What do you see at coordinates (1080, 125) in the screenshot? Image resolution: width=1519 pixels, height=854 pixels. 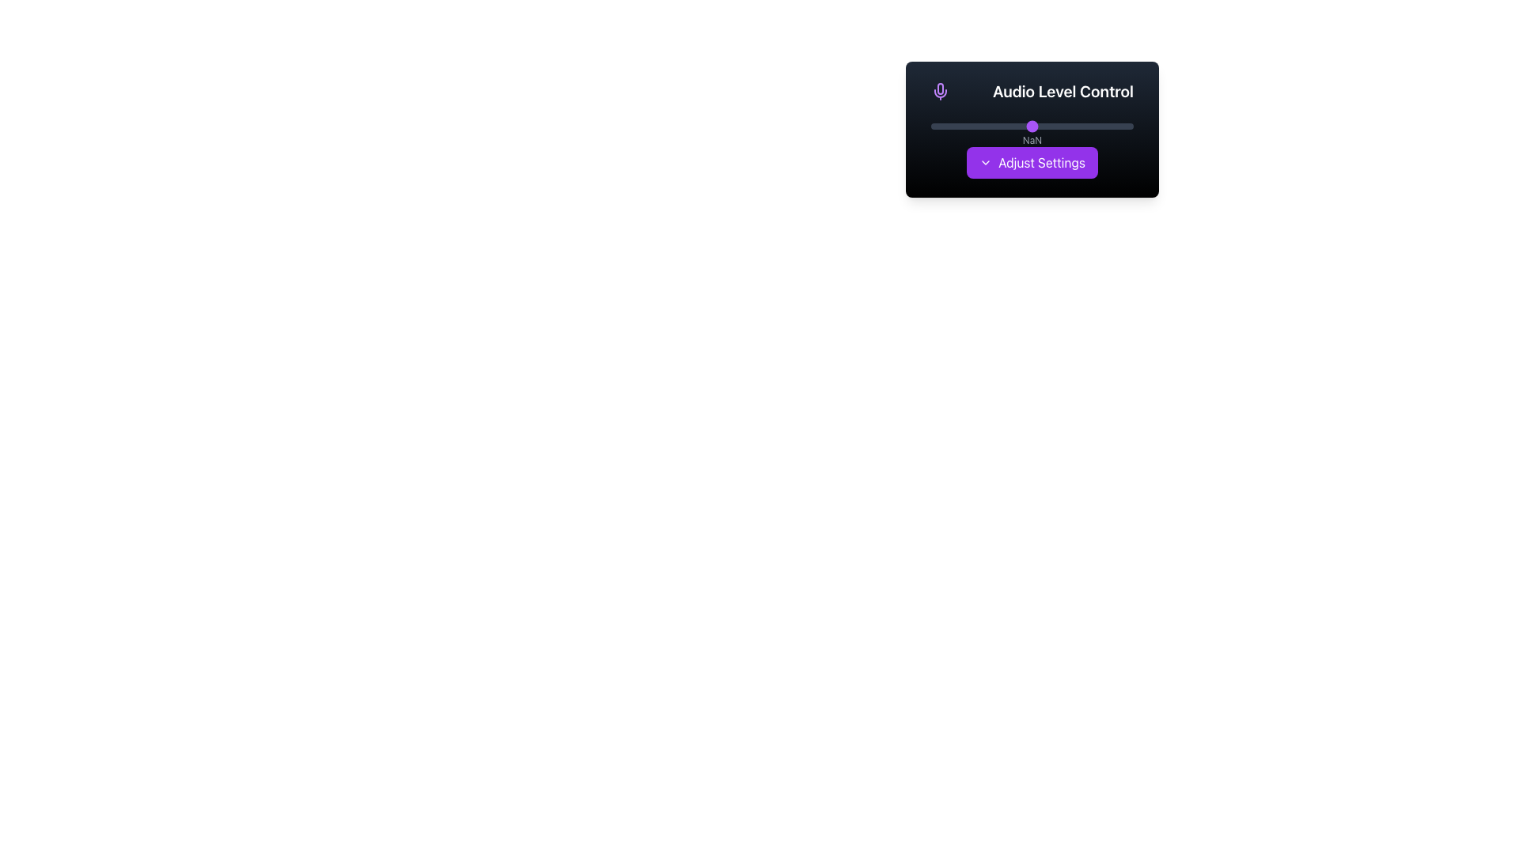 I see `the slider value` at bounding box center [1080, 125].